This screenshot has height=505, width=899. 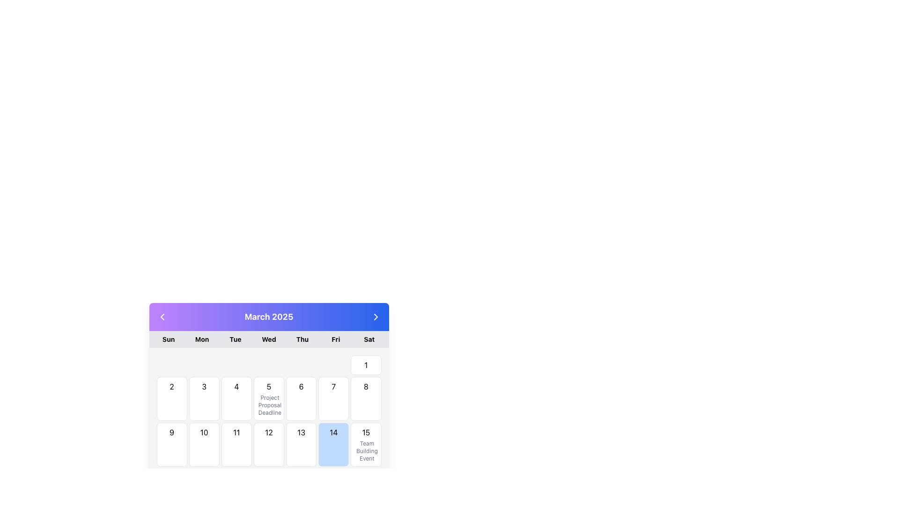 What do you see at coordinates (301, 364) in the screenshot?
I see `the circular marker above the date number '6' in the calendar interface` at bounding box center [301, 364].